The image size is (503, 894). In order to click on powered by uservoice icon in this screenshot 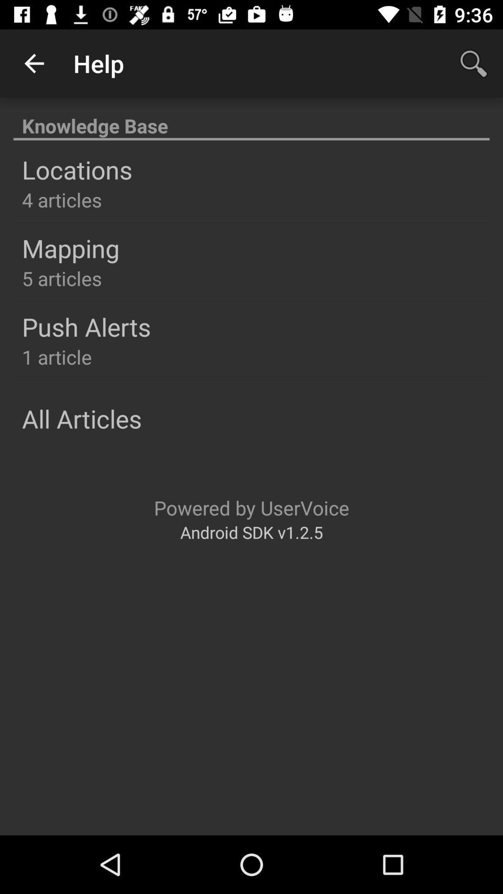, I will do `click(251, 507)`.